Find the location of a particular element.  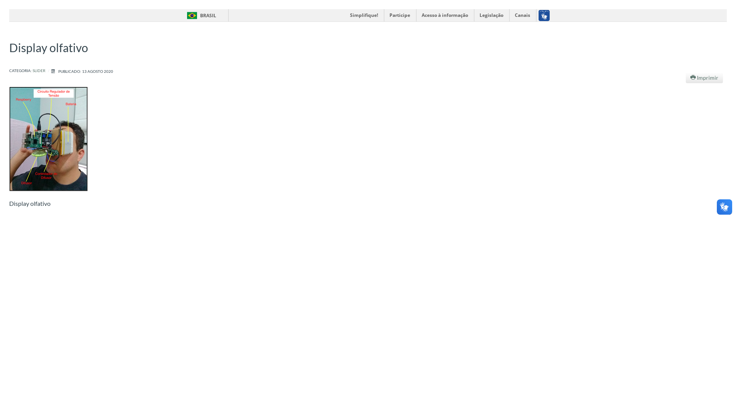

'Participe' is located at coordinates (399, 15).